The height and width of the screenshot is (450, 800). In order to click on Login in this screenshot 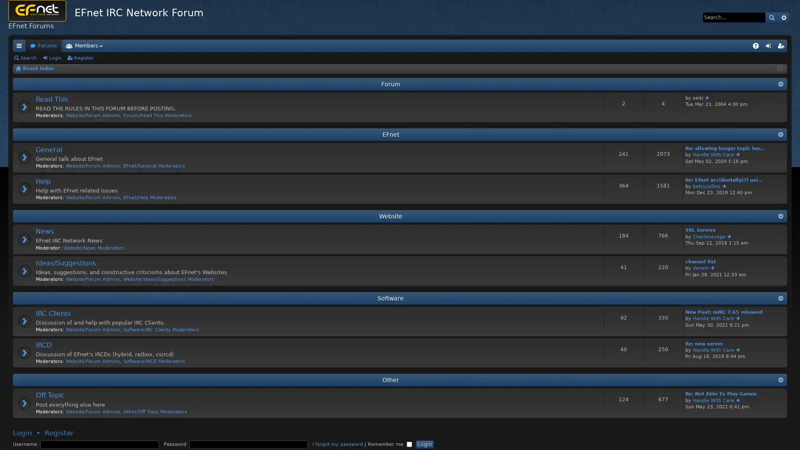, I will do `click(425, 444)`.